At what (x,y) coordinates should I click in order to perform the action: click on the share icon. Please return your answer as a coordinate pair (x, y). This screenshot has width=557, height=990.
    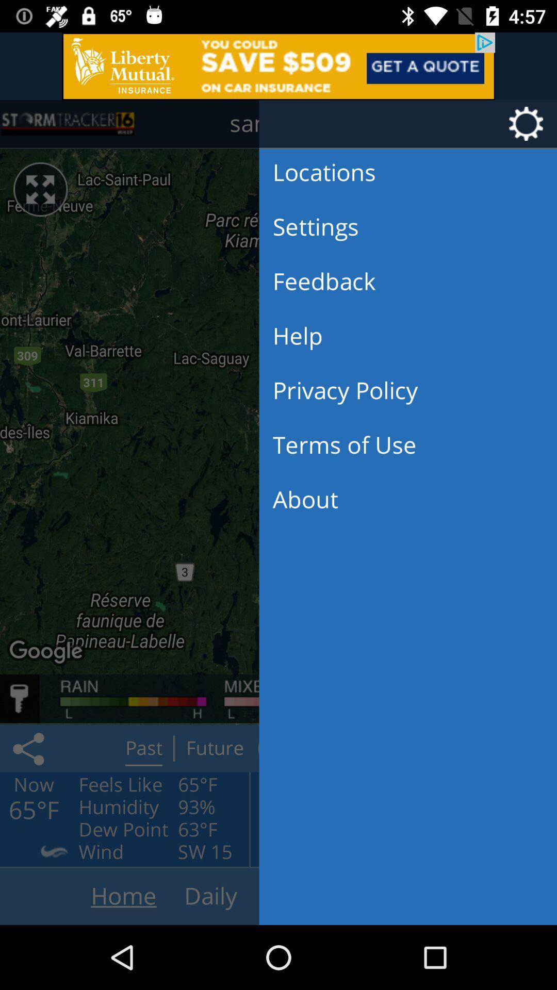
    Looking at the image, I should click on (30, 748).